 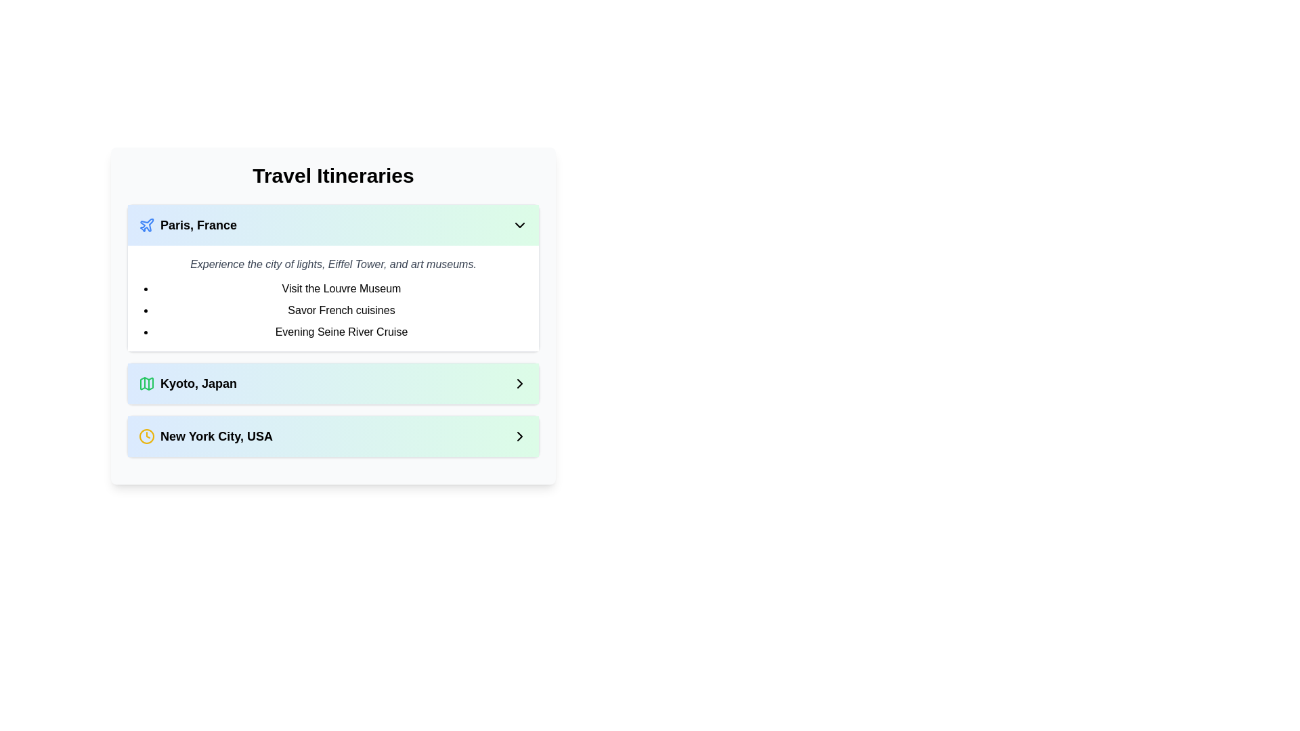 I want to click on the icon located to the far right of the green-highlighted box labeled 'New York City, USA', so click(x=519, y=436).